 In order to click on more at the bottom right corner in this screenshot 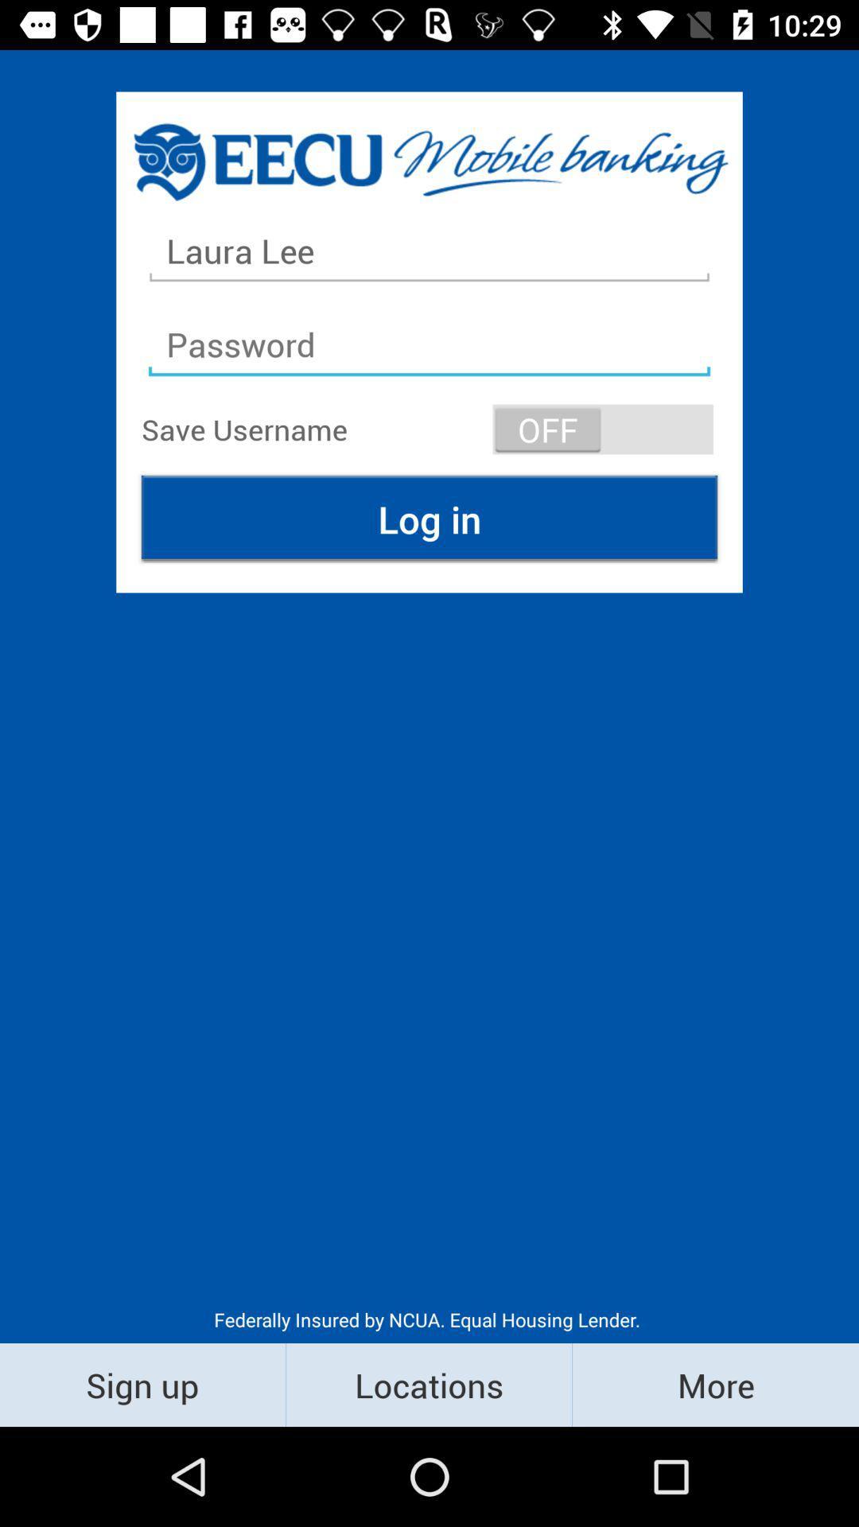, I will do `click(714, 1384)`.